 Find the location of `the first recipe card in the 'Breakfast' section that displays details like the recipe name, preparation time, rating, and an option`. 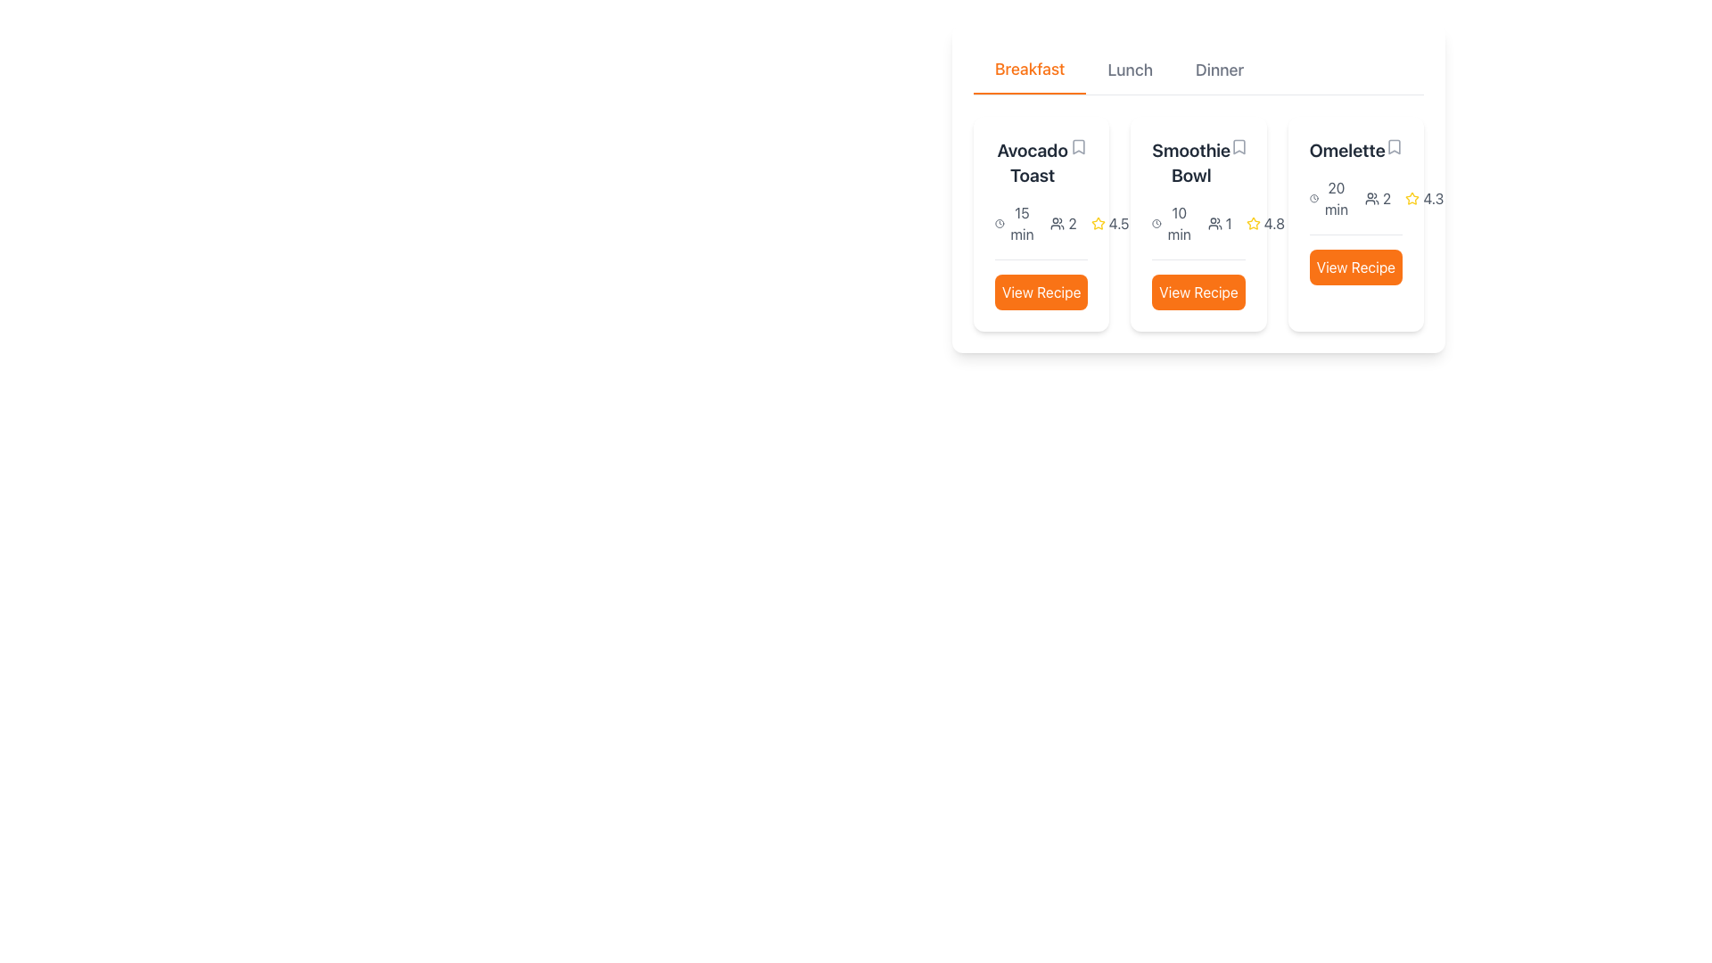

the first recipe card in the 'Breakfast' section that displays details like the recipe name, preparation time, rating, and an option is located at coordinates (1041, 223).